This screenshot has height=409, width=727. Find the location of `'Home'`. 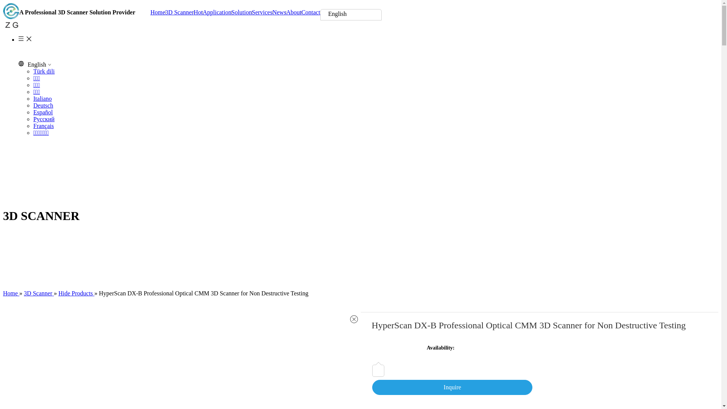

'Home' is located at coordinates (157, 12).